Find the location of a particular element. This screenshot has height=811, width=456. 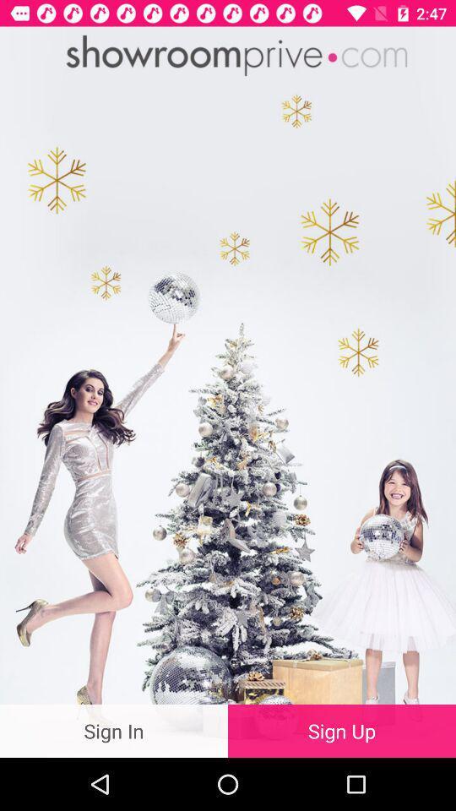

the item at the bottom right corner is located at coordinates (342, 730).